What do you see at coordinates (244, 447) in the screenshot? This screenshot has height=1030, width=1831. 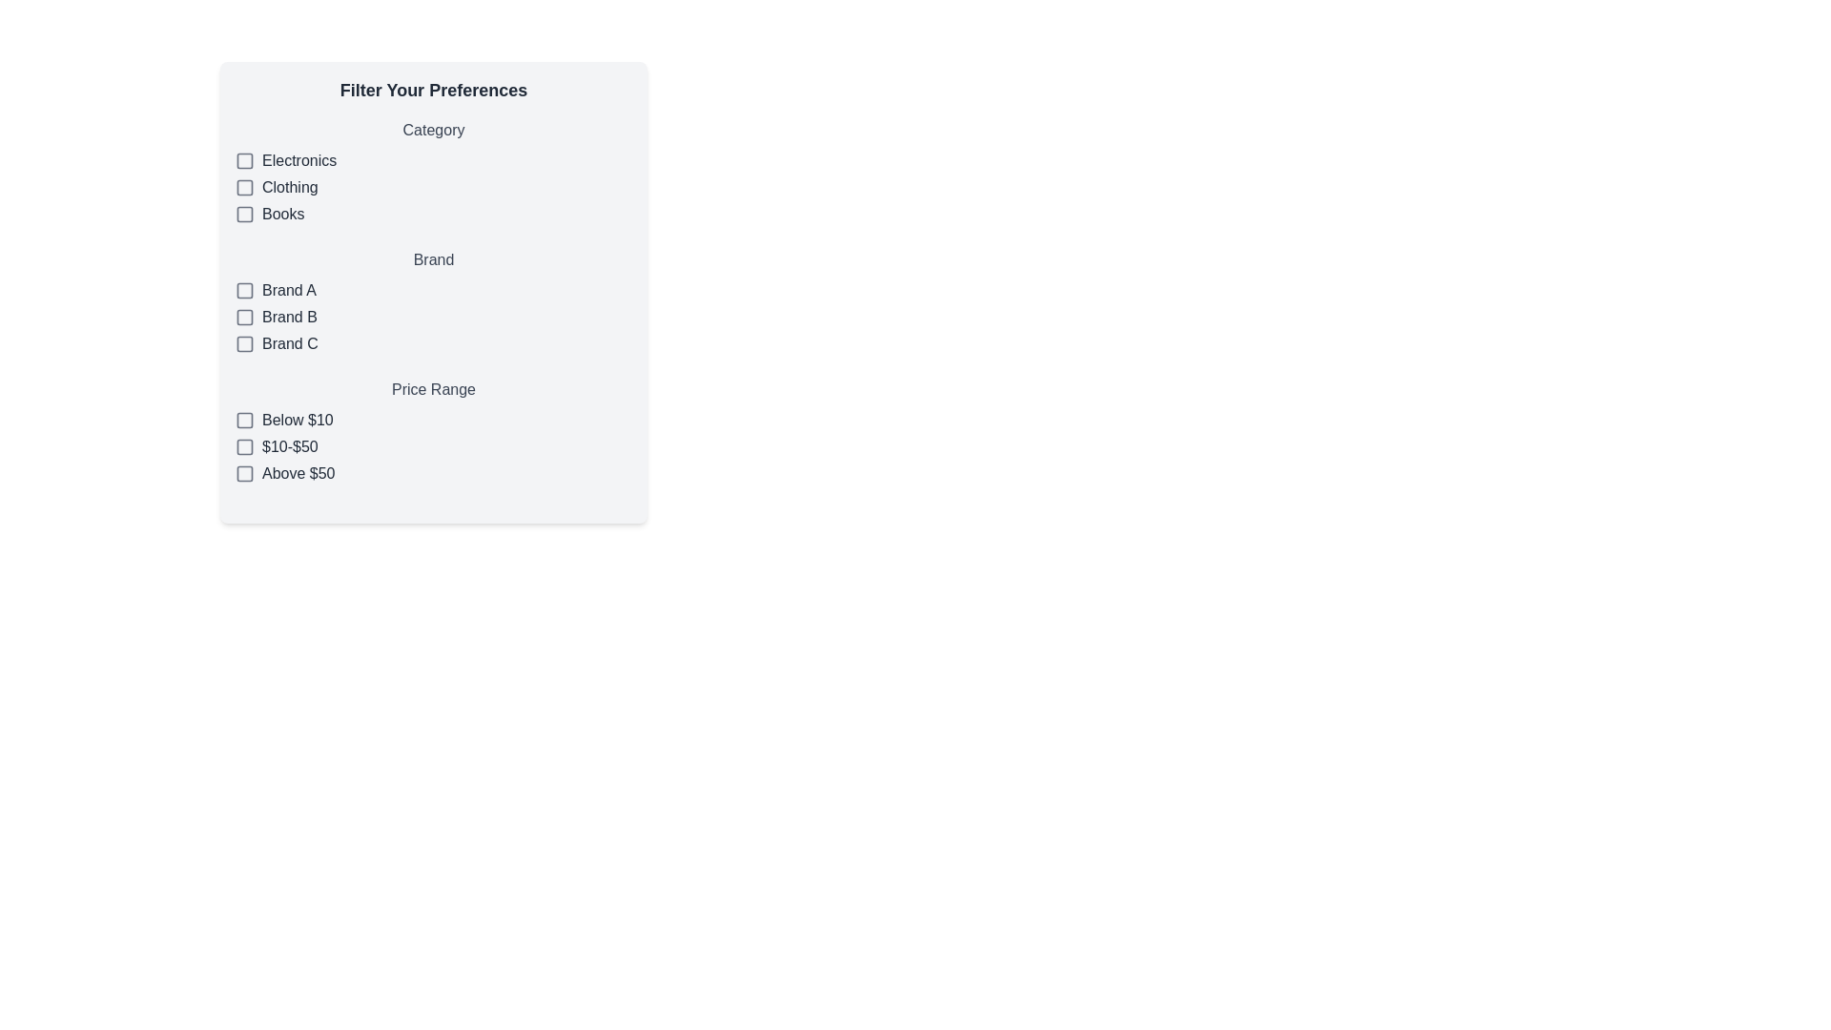 I see `the second checkbox in the 'Price Range' section` at bounding box center [244, 447].